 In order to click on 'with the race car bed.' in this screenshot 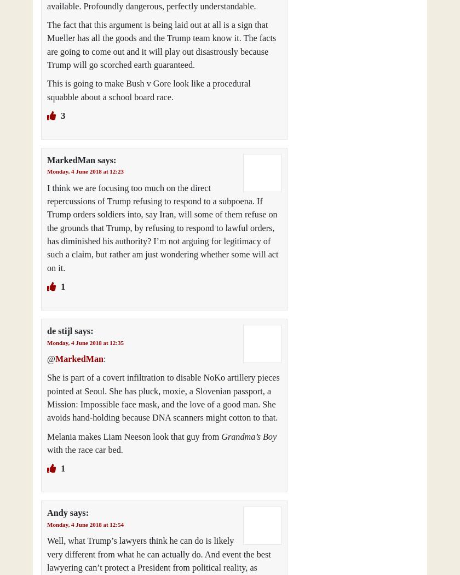, I will do `click(84, 449)`.